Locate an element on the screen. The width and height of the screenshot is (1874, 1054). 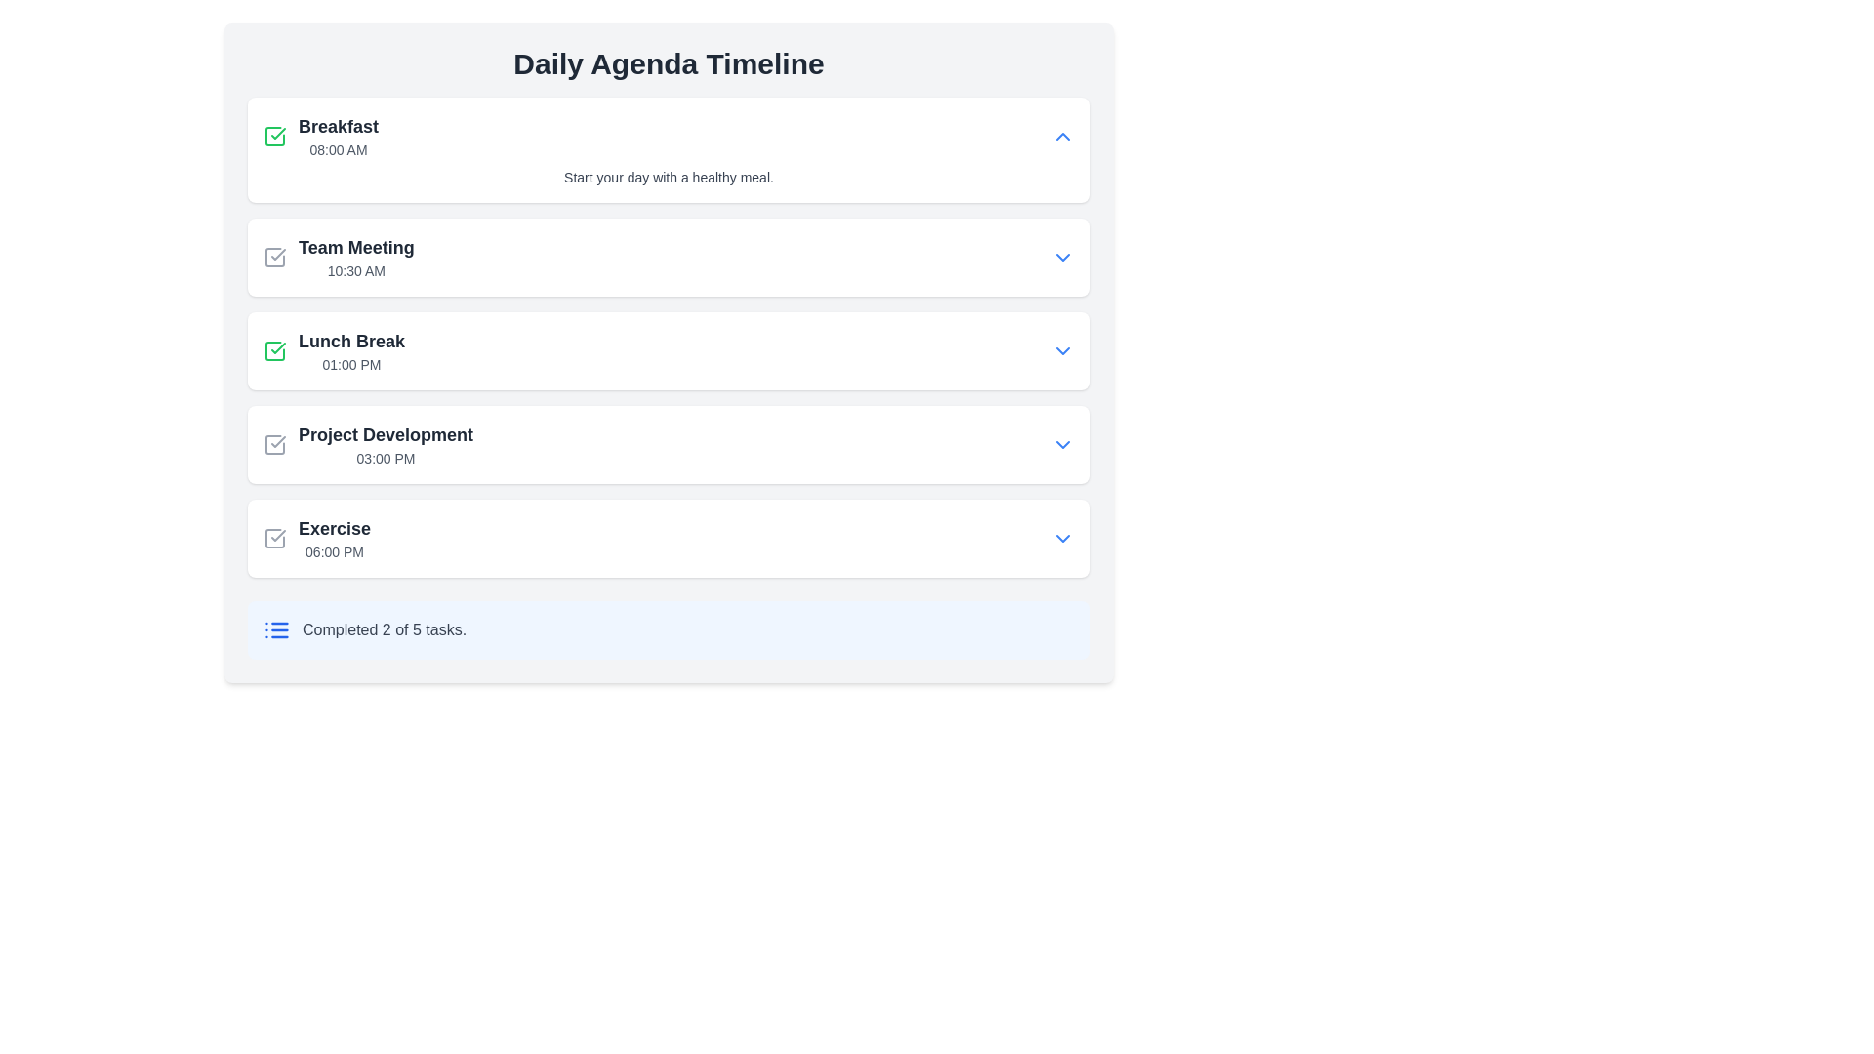
the toggle button located on the rightmost side of the 'Exercise' section next to the time '06:00 PM' is located at coordinates (1062, 538).